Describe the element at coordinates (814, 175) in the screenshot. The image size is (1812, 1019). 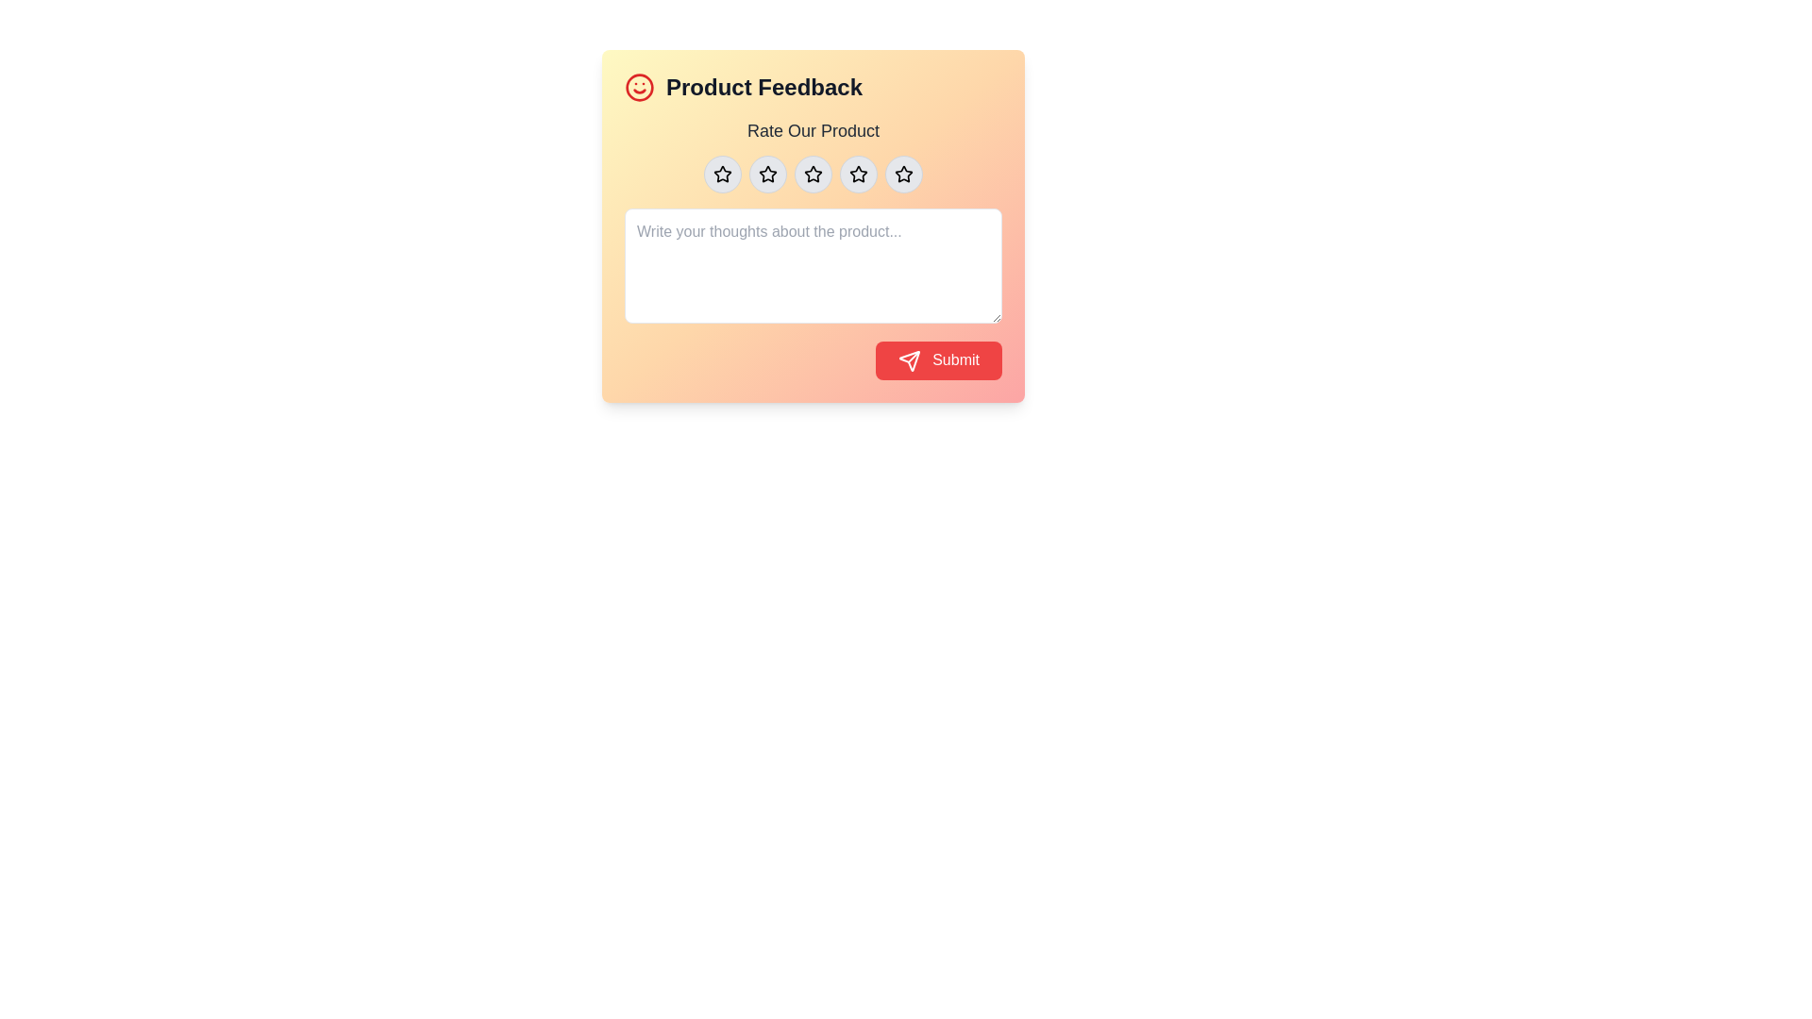
I see `the third star icon in the rating component for accessibility navigation` at that location.